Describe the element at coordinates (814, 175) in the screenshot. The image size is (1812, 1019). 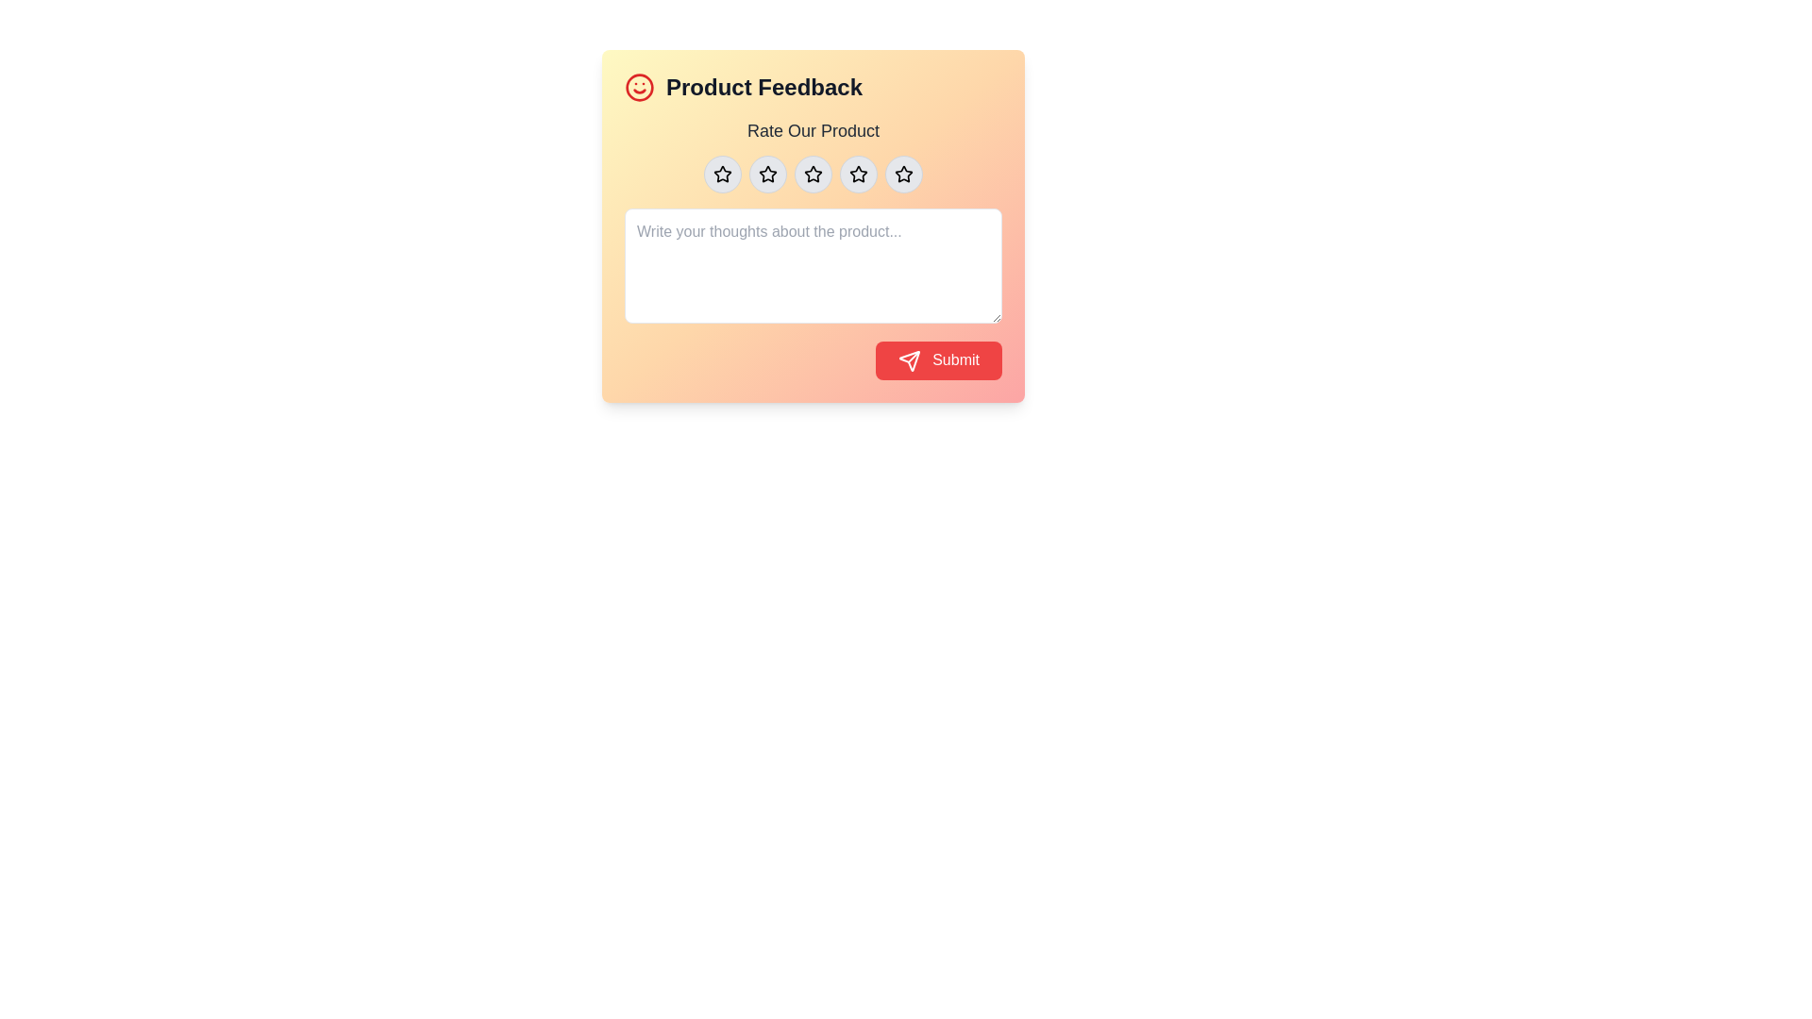
I see `the third star icon in the rating component for accessibility navigation` at that location.